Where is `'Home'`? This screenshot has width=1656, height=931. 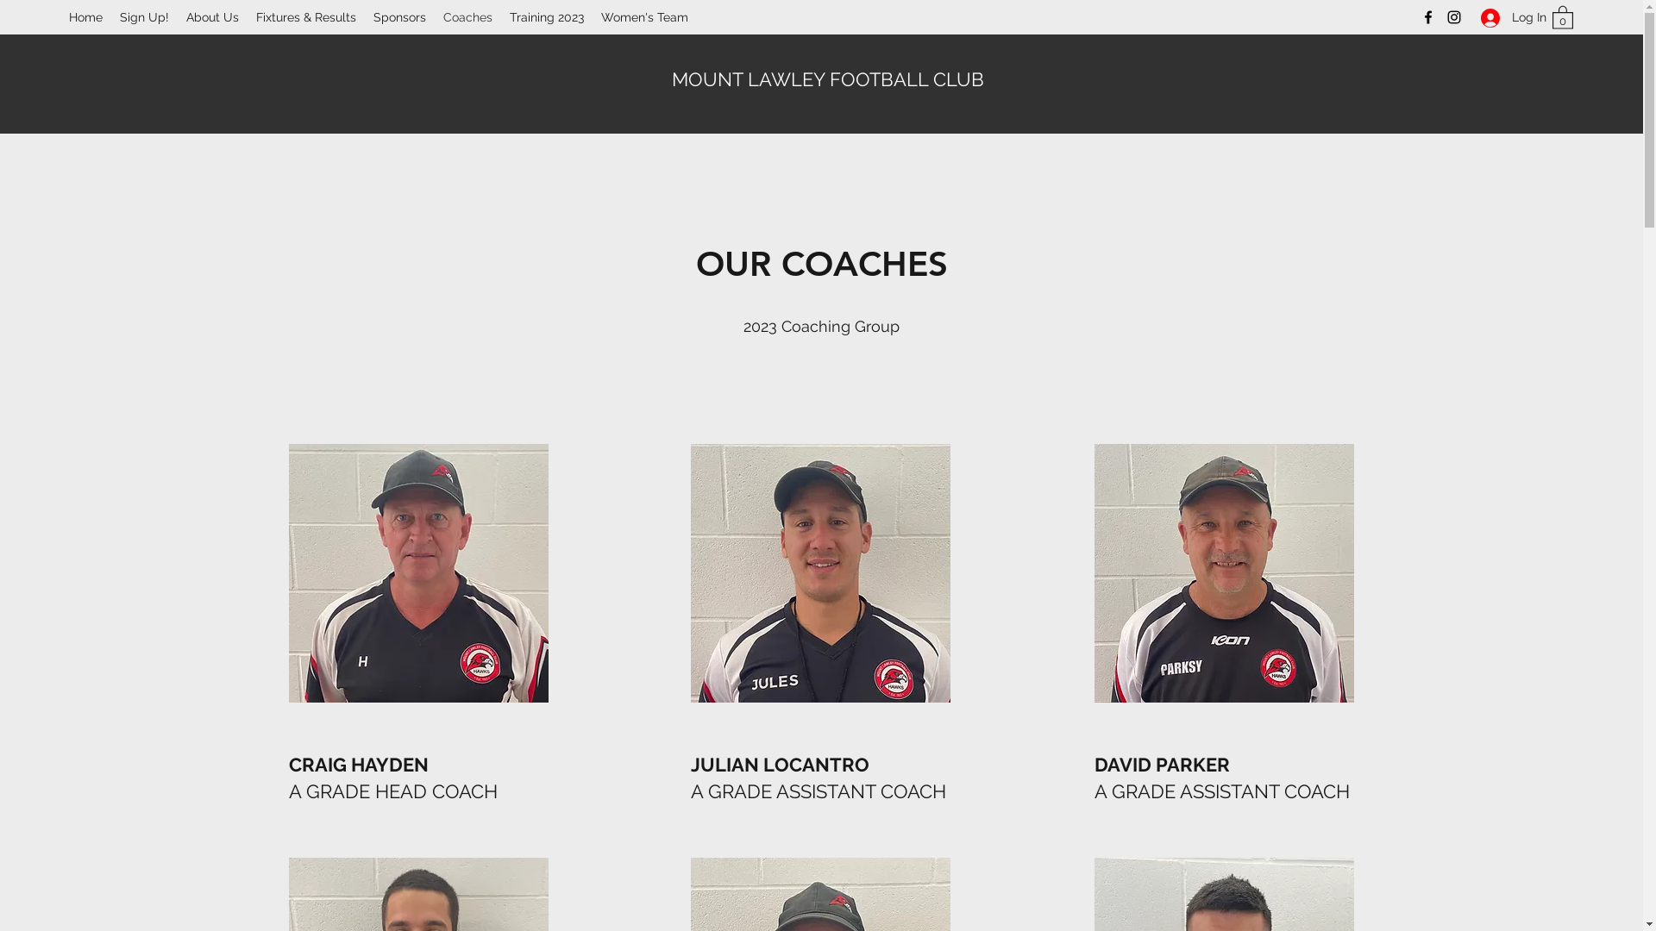 'Home' is located at coordinates (85, 16).